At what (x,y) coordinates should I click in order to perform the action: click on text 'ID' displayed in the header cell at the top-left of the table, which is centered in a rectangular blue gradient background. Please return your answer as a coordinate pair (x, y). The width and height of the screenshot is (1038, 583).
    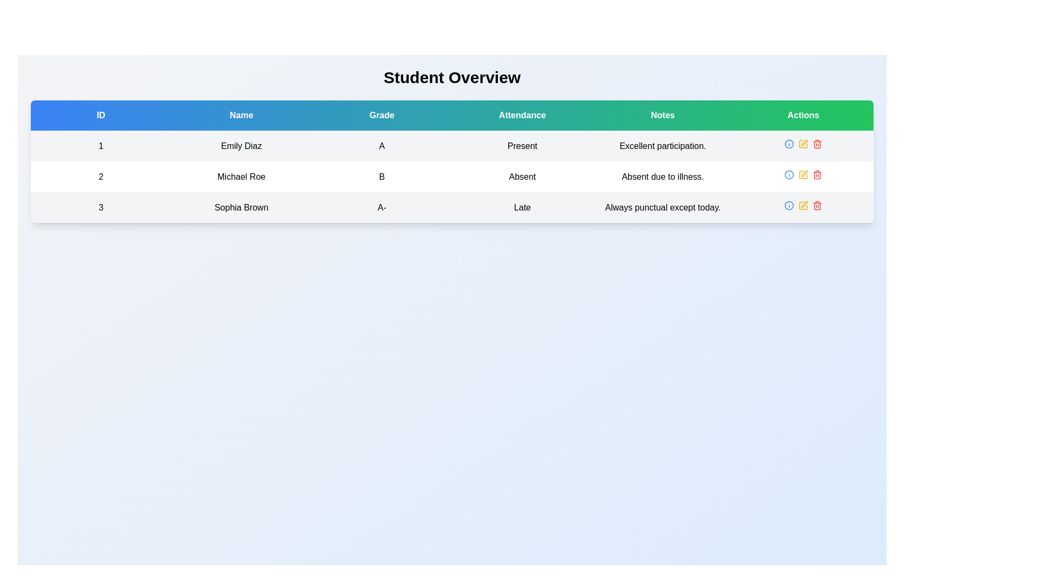
    Looking at the image, I should click on (101, 115).